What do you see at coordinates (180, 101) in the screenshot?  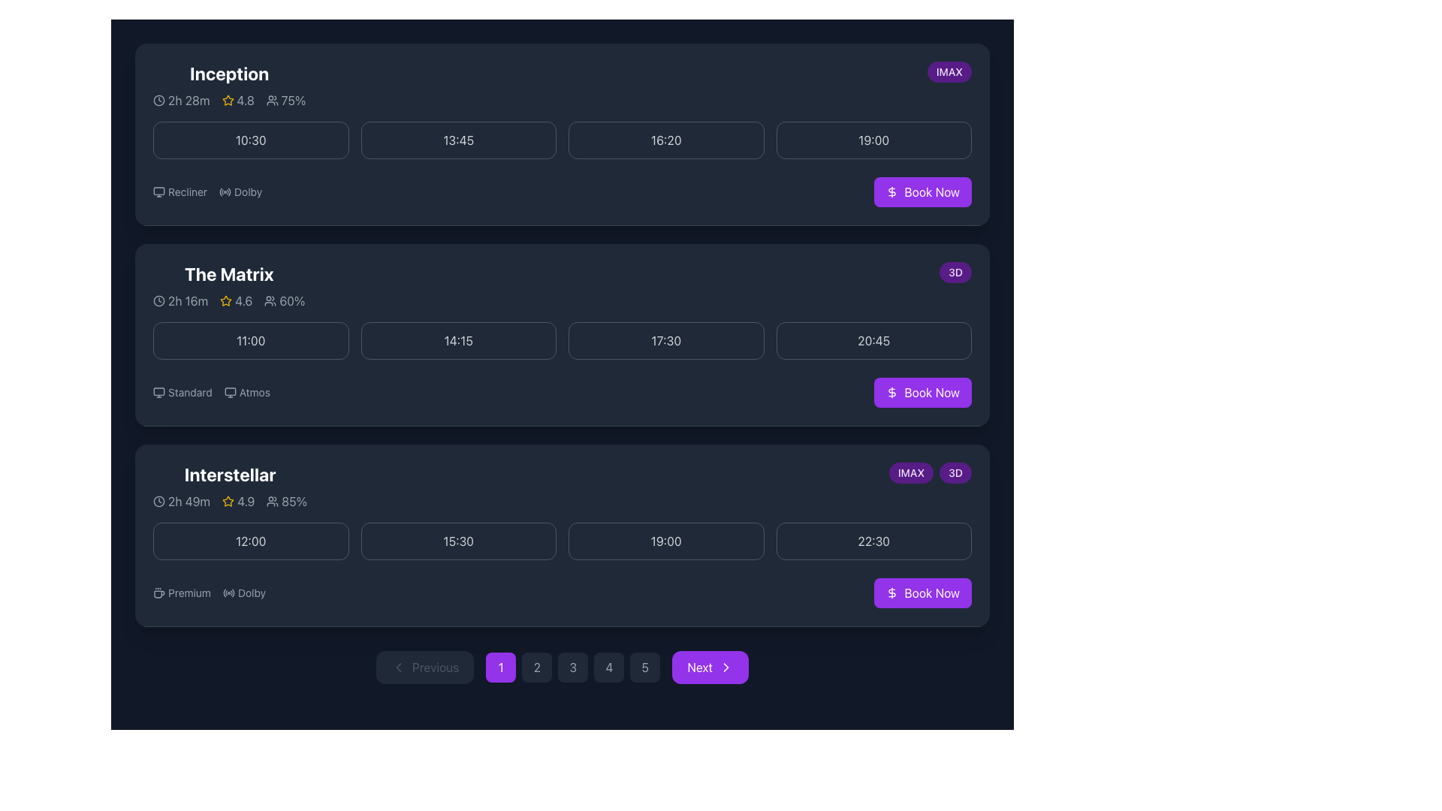 I see `the static text displaying the runtime duration of the movie 'Inception', which is located at the top left segment of the 'Inception' section, immediately following the movie's title` at bounding box center [180, 101].